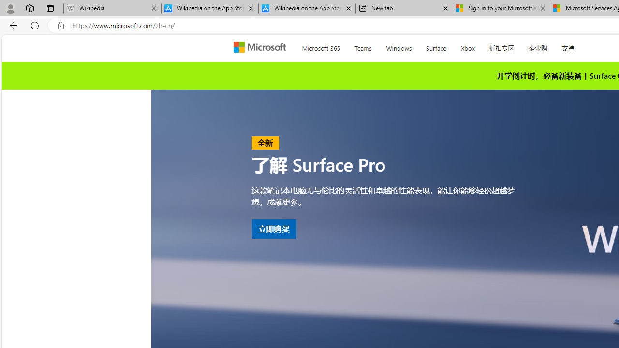 This screenshot has height=348, width=619. Describe the element at coordinates (112, 8) in the screenshot. I see `'Wikipedia - Sleeping'` at that location.